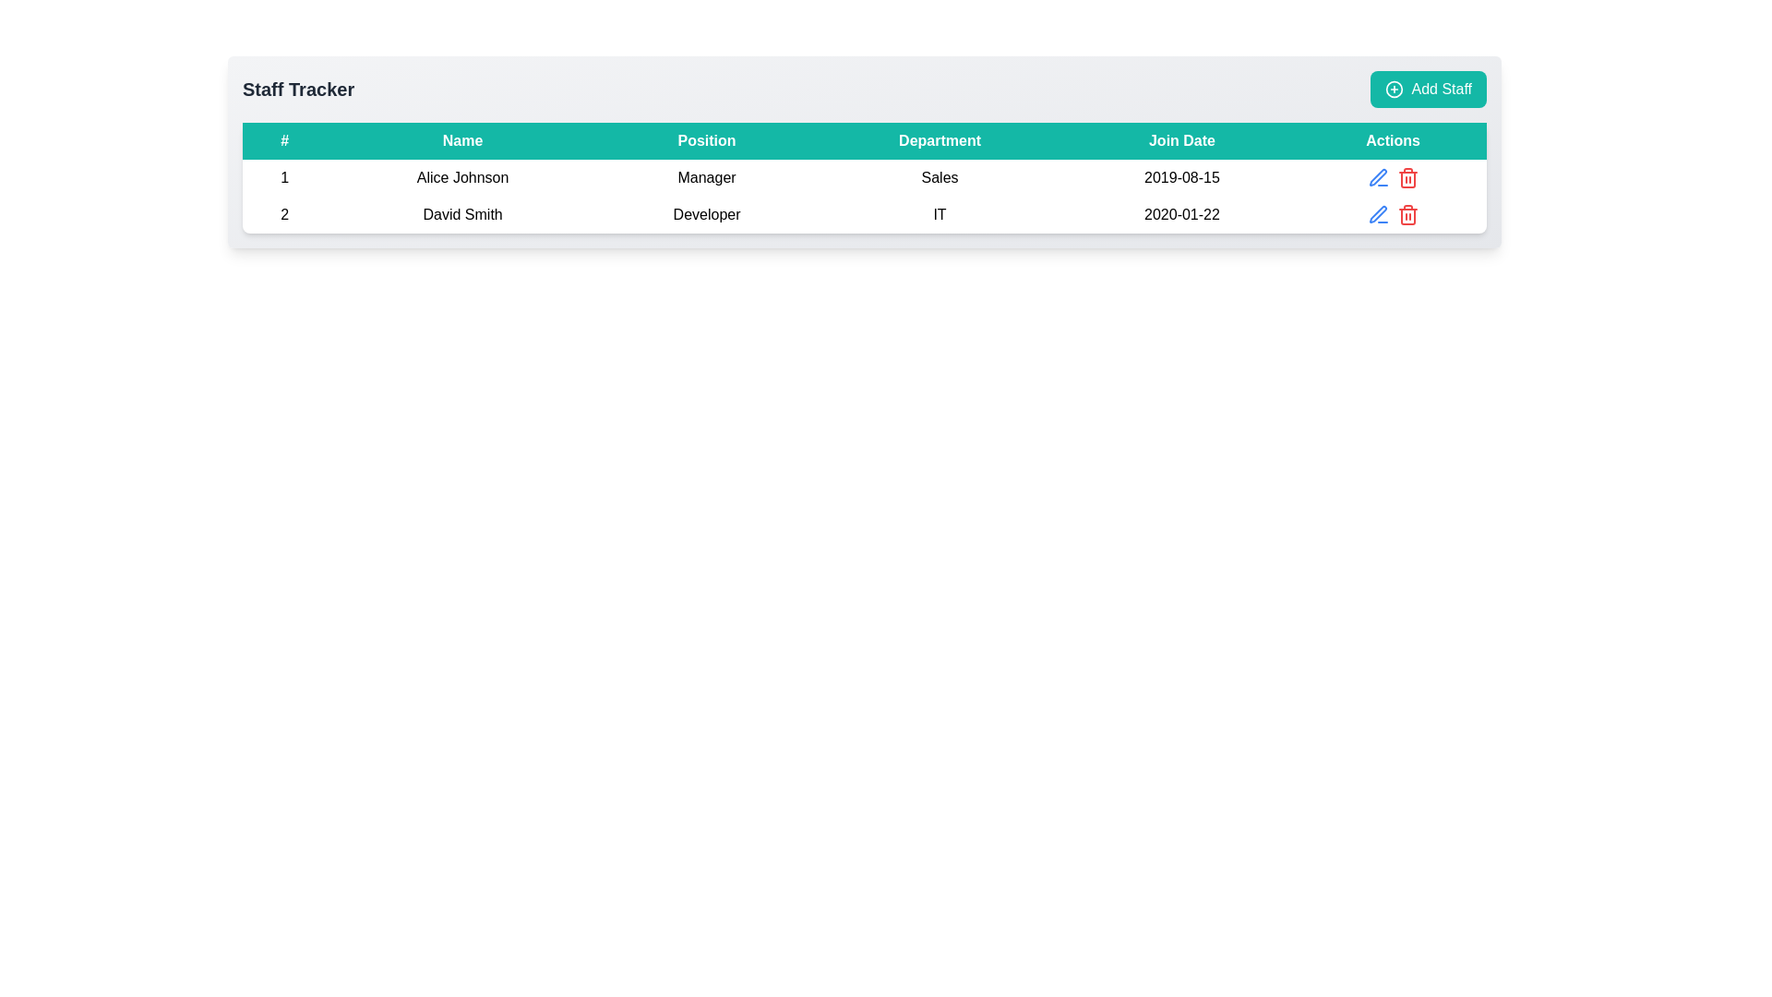 Image resolution: width=1772 pixels, height=997 pixels. What do you see at coordinates (1393, 140) in the screenshot?
I see `the 'Actions' column header text label, which is the last column header in the table, located at the top-right corner of the header row` at bounding box center [1393, 140].